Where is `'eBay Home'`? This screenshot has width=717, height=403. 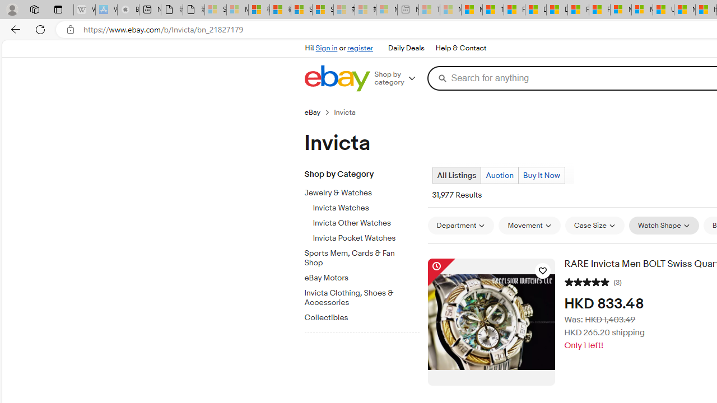
'eBay Home' is located at coordinates (336, 78).